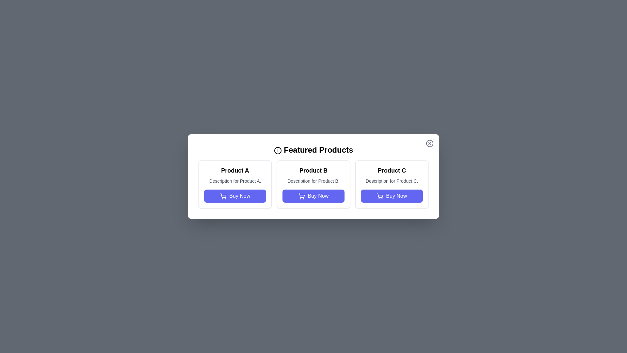  I want to click on the 'Buy Now' button for Product A, so click(235, 196).